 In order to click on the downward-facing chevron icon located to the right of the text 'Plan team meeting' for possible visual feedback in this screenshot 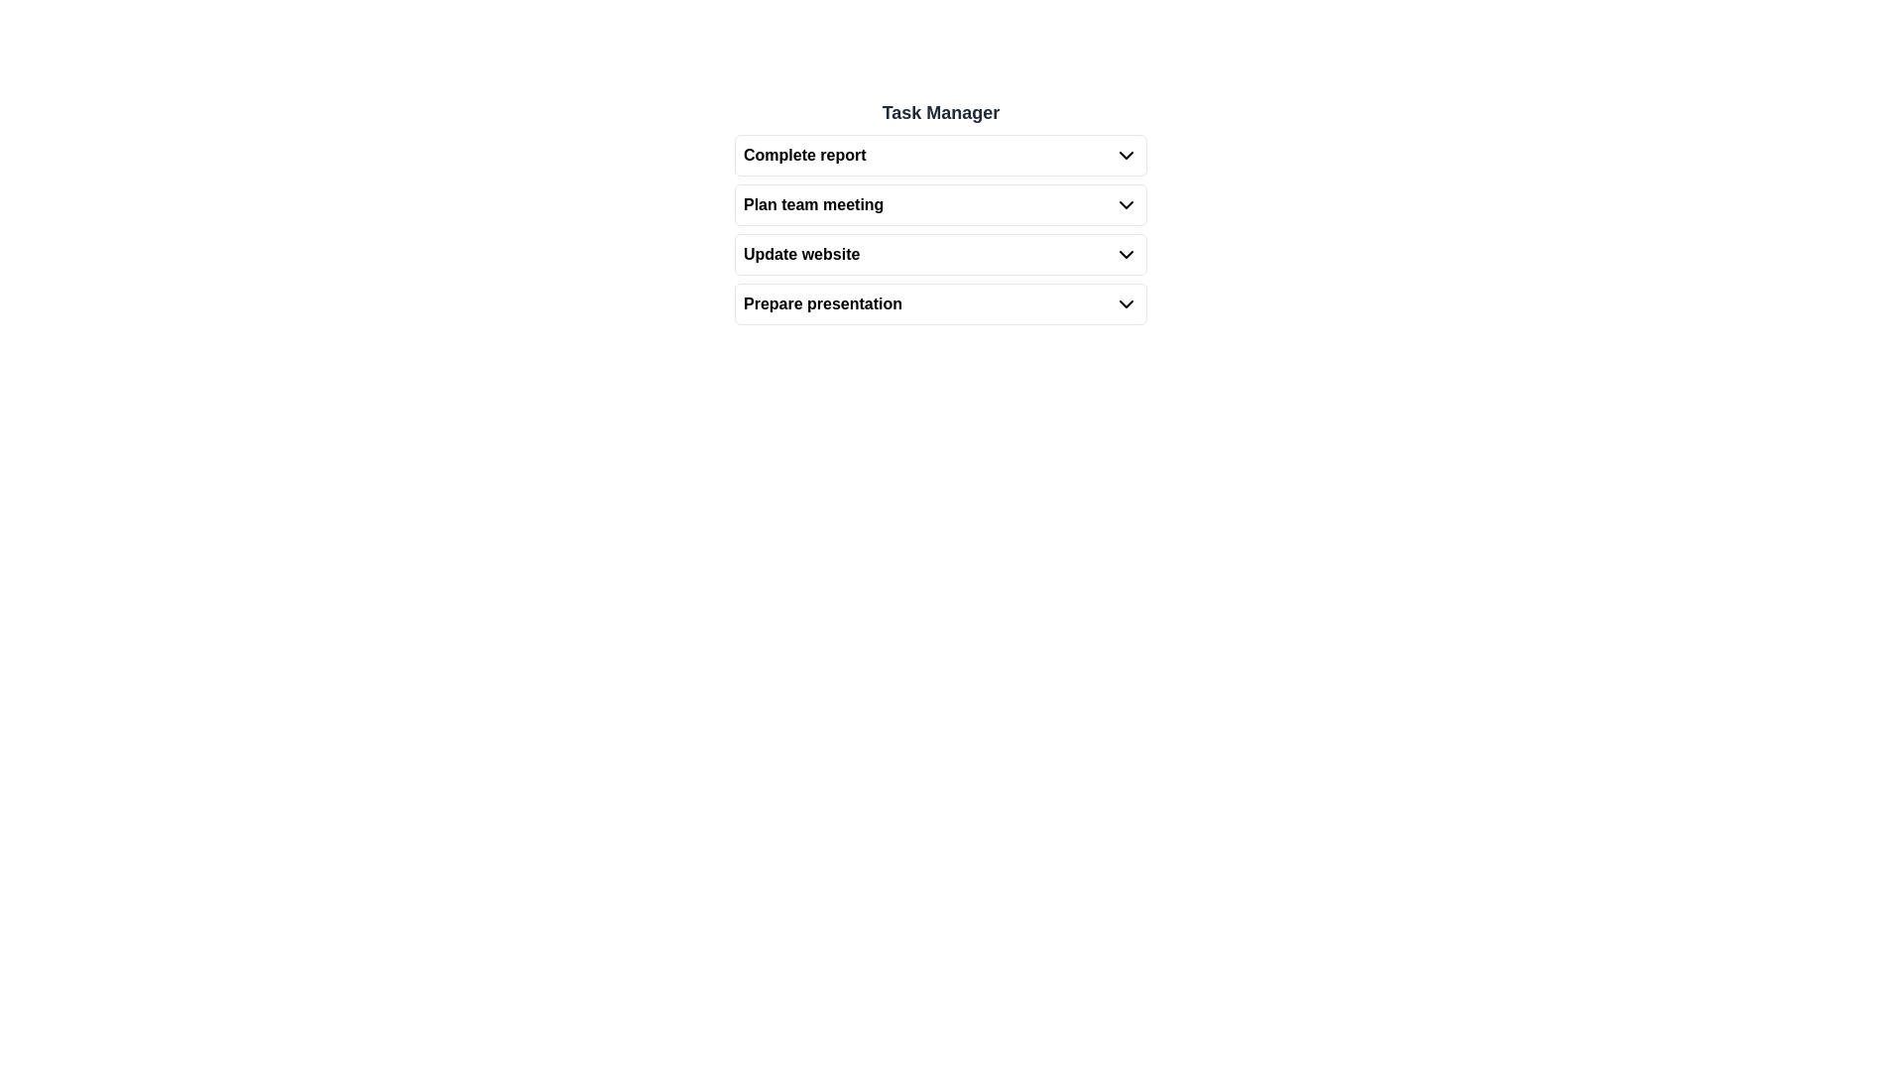, I will do `click(1127, 205)`.